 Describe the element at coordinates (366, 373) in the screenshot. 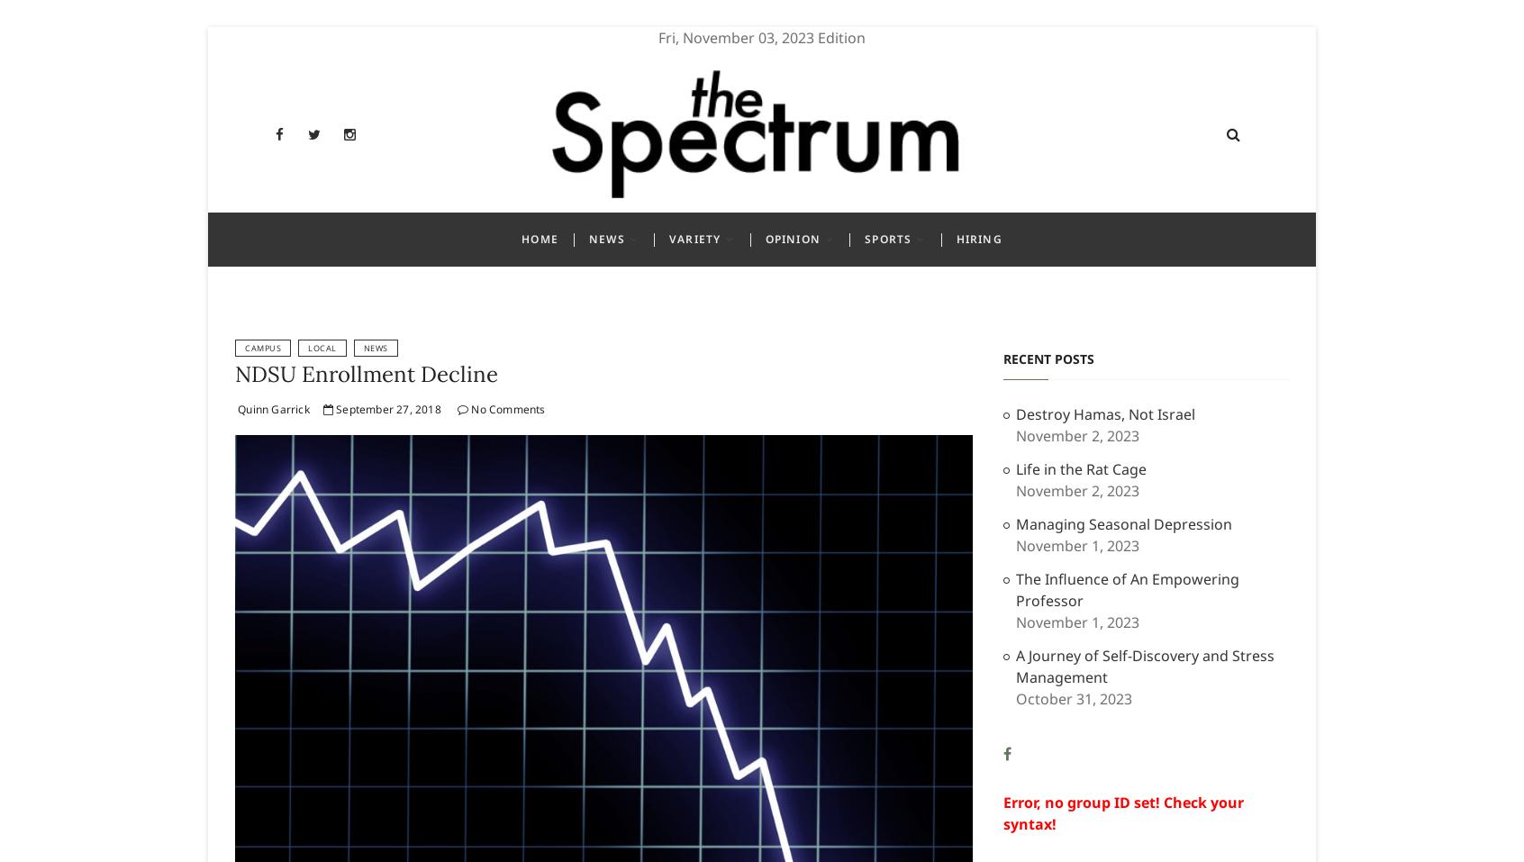

I see `'NDSU Enrollment Decline'` at that location.